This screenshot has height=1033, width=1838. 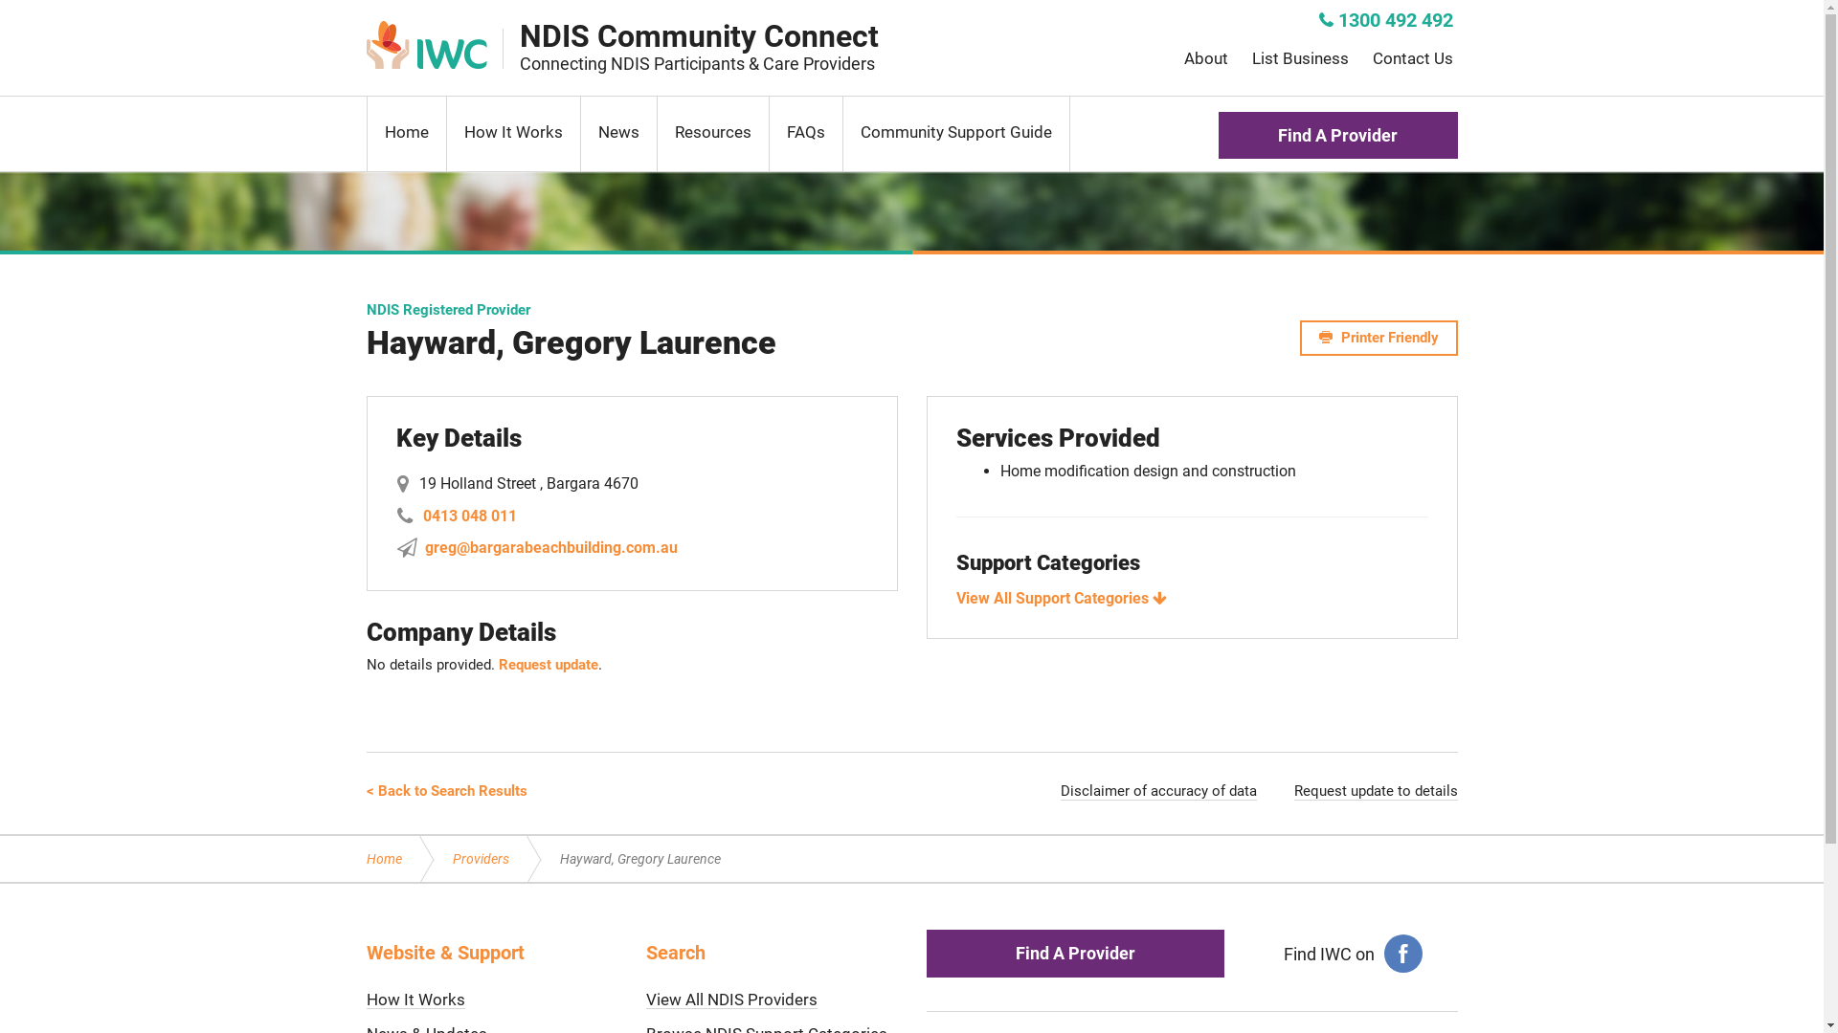 I want to click on 'About', so click(x=1203, y=56).